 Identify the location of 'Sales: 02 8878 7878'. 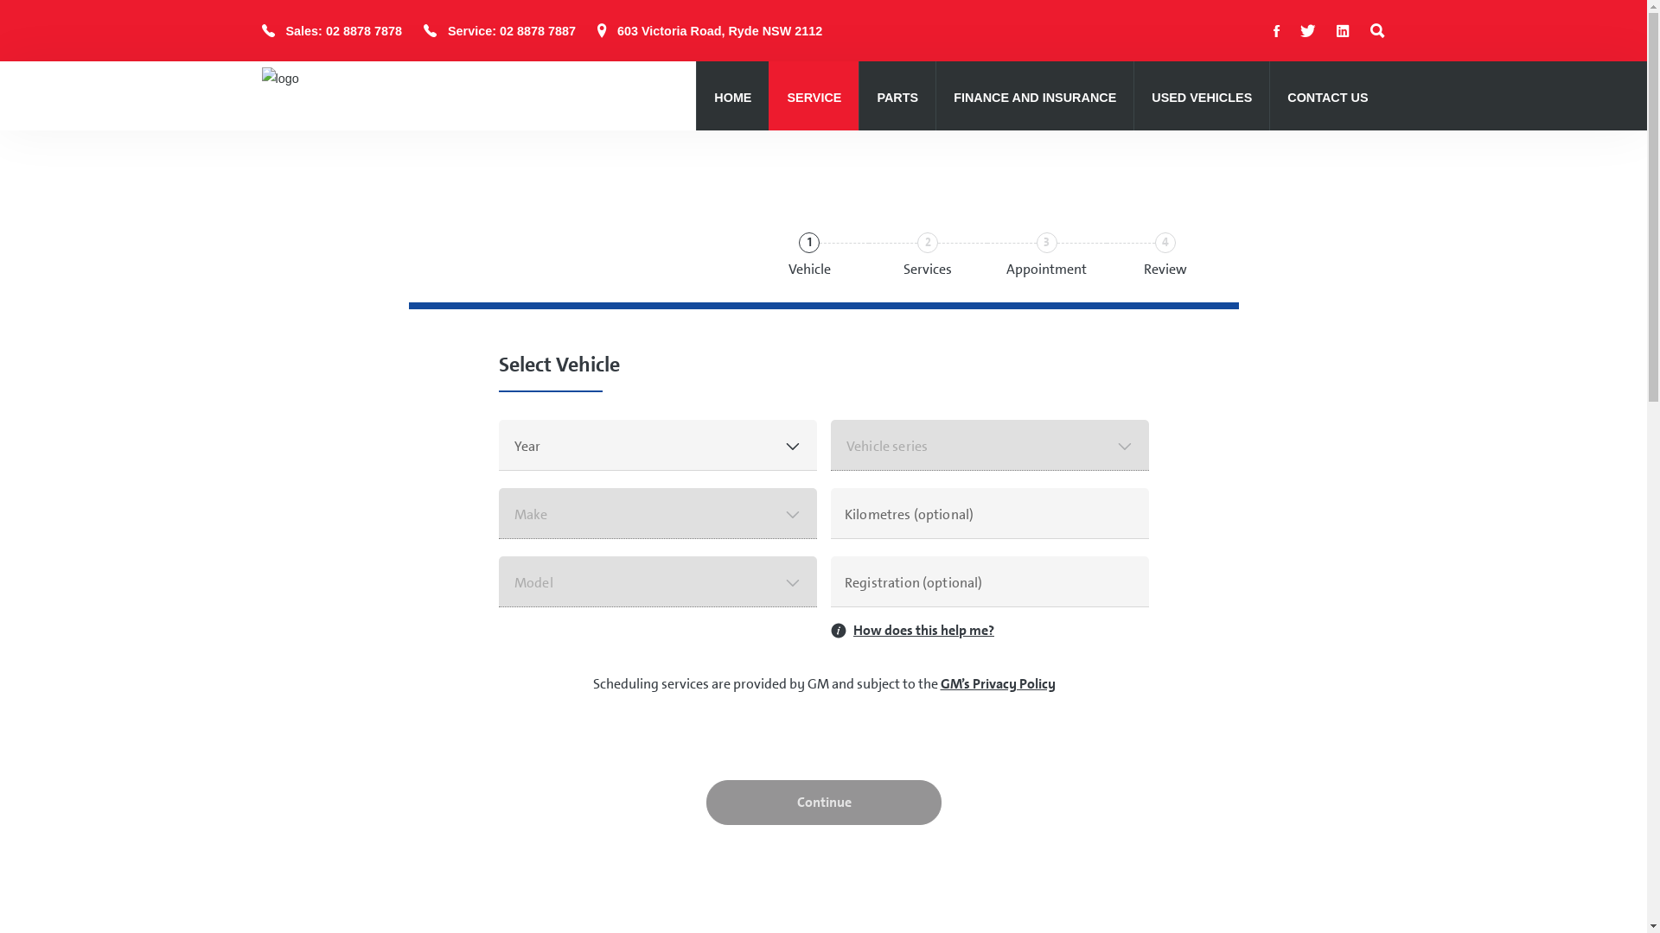
(285, 30).